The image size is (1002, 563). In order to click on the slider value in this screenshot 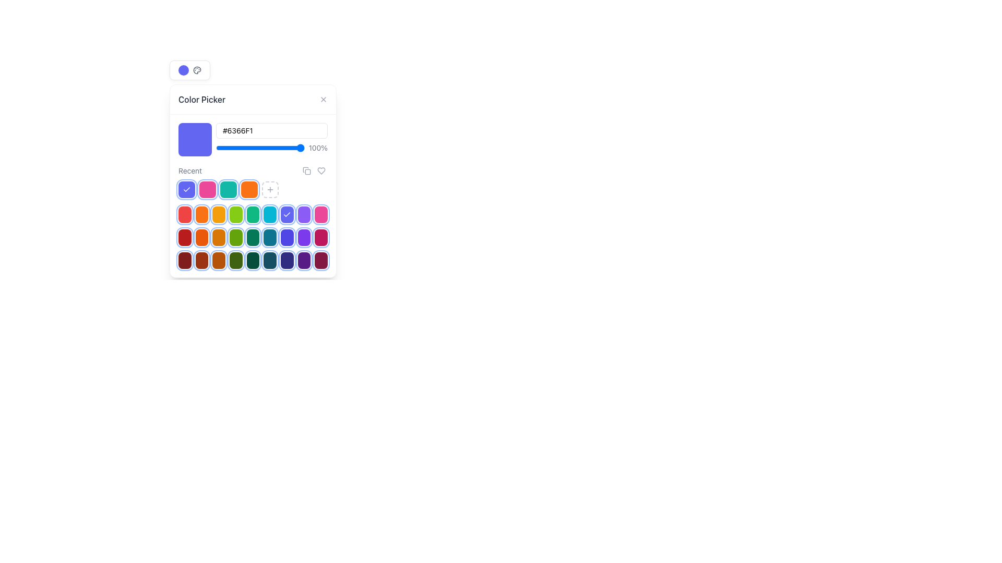, I will do `click(280, 148)`.